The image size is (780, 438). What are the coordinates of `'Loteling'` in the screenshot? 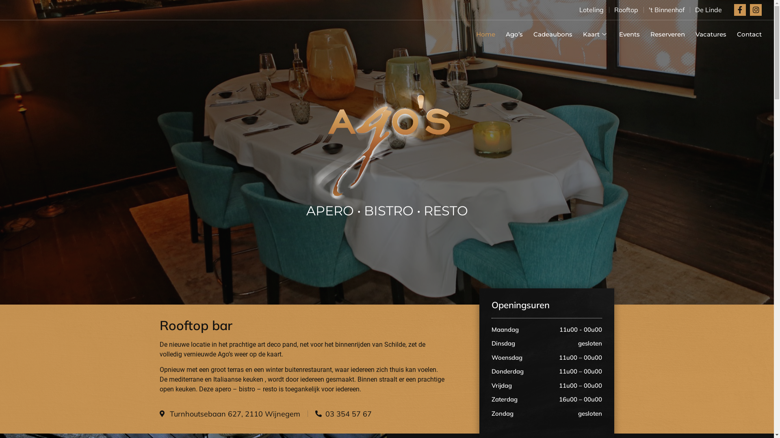 It's located at (591, 9).